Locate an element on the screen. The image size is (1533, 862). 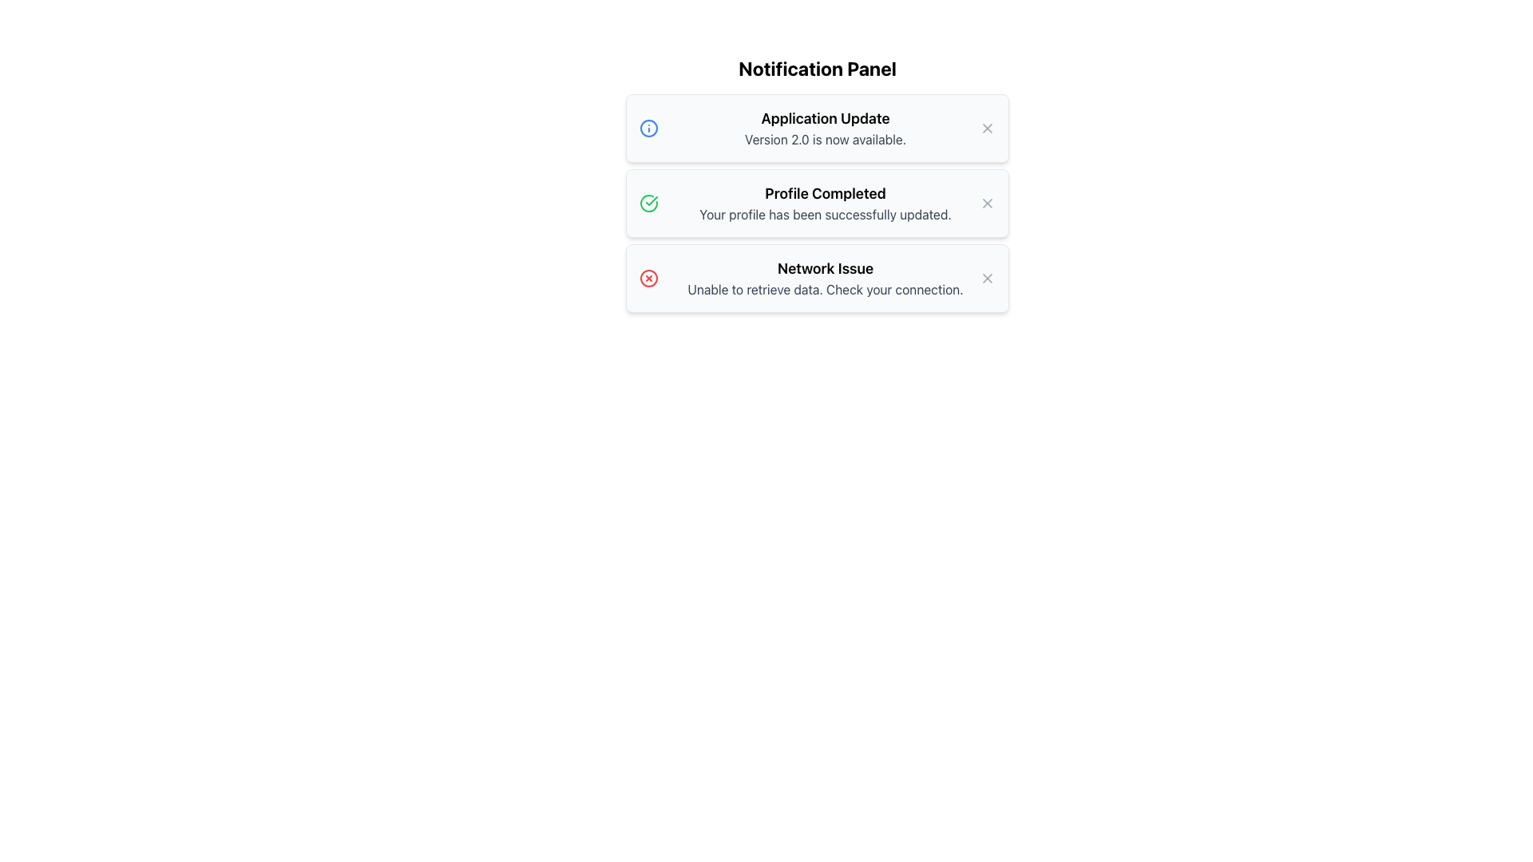
the success icon located to the left of the 'Profile Completed' notification text in the second card of the notification panel is located at coordinates (652, 200).